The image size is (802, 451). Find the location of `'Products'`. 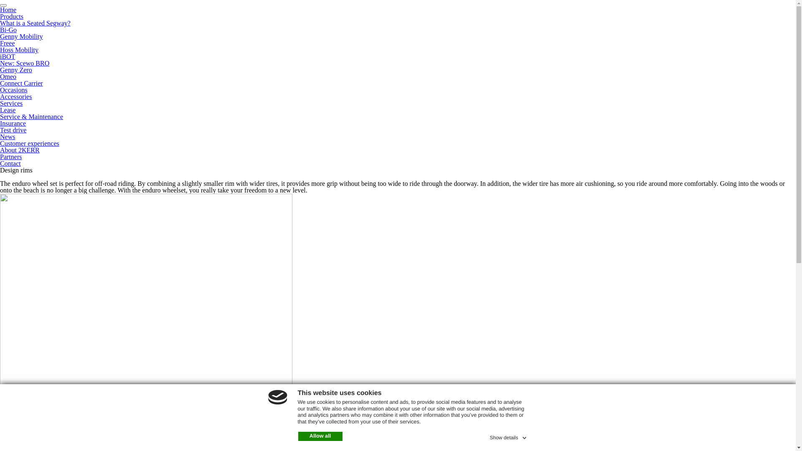

'Products' is located at coordinates (0, 16).